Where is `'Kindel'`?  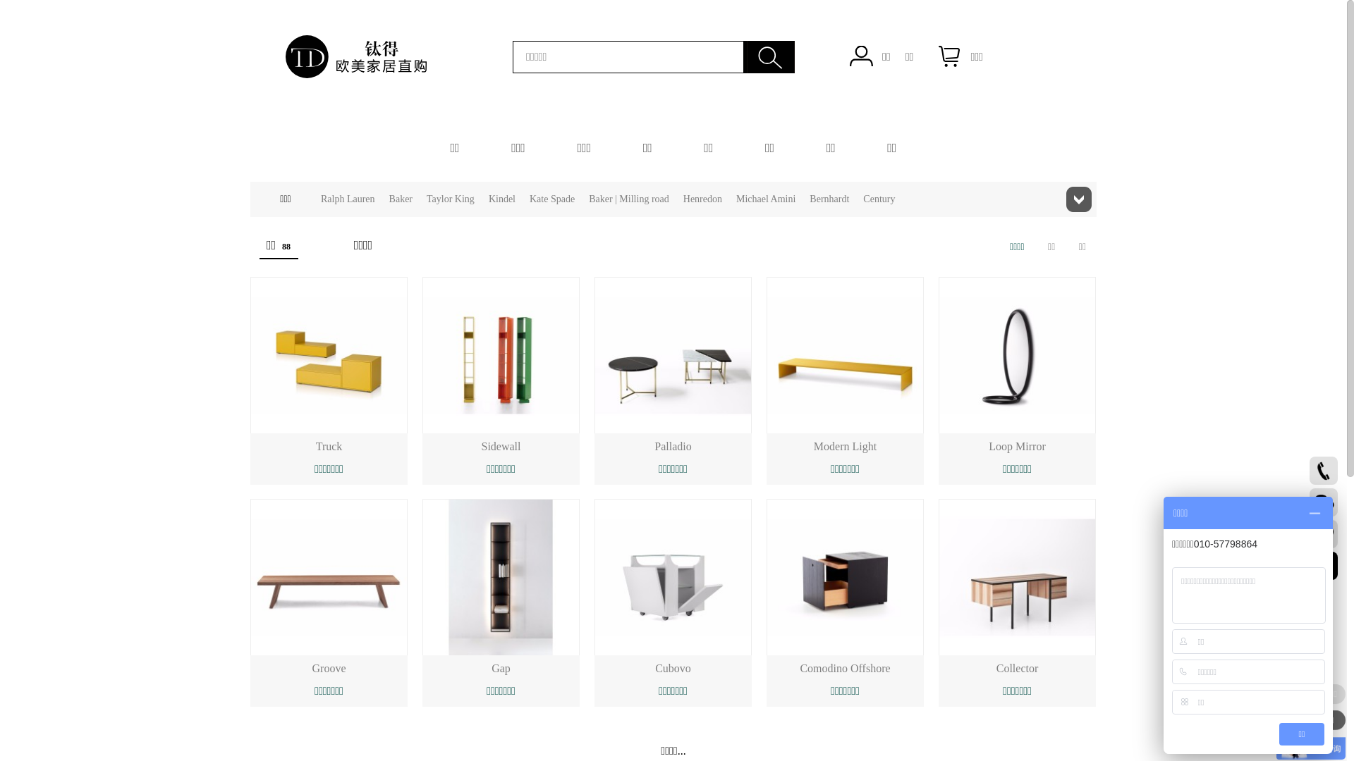
'Kindel' is located at coordinates (488, 199).